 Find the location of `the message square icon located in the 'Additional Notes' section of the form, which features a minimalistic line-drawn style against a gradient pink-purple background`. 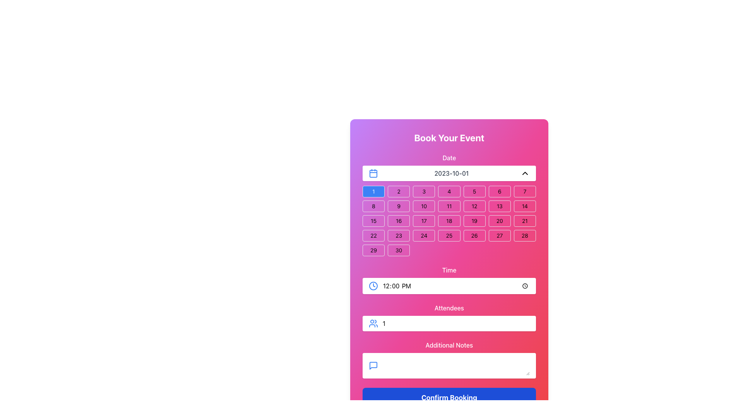

the message square icon located in the 'Additional Notes' section of the form, which features a minimalistic line-drawn style against a gradient pink-purple background is located at coordinates (373, 366).